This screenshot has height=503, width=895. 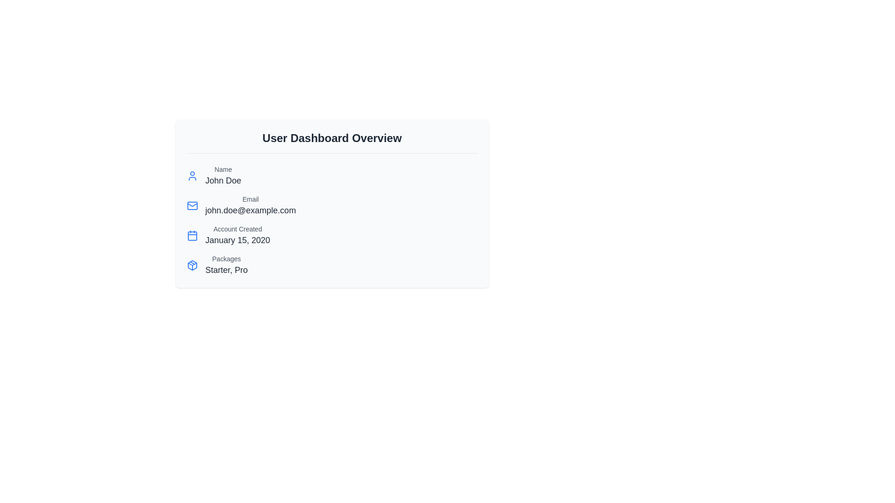 I want to click on the text label displaying 'Starter, Pro', which is located below the 'Packages' label in the user information card, so click(x=226, y=270).